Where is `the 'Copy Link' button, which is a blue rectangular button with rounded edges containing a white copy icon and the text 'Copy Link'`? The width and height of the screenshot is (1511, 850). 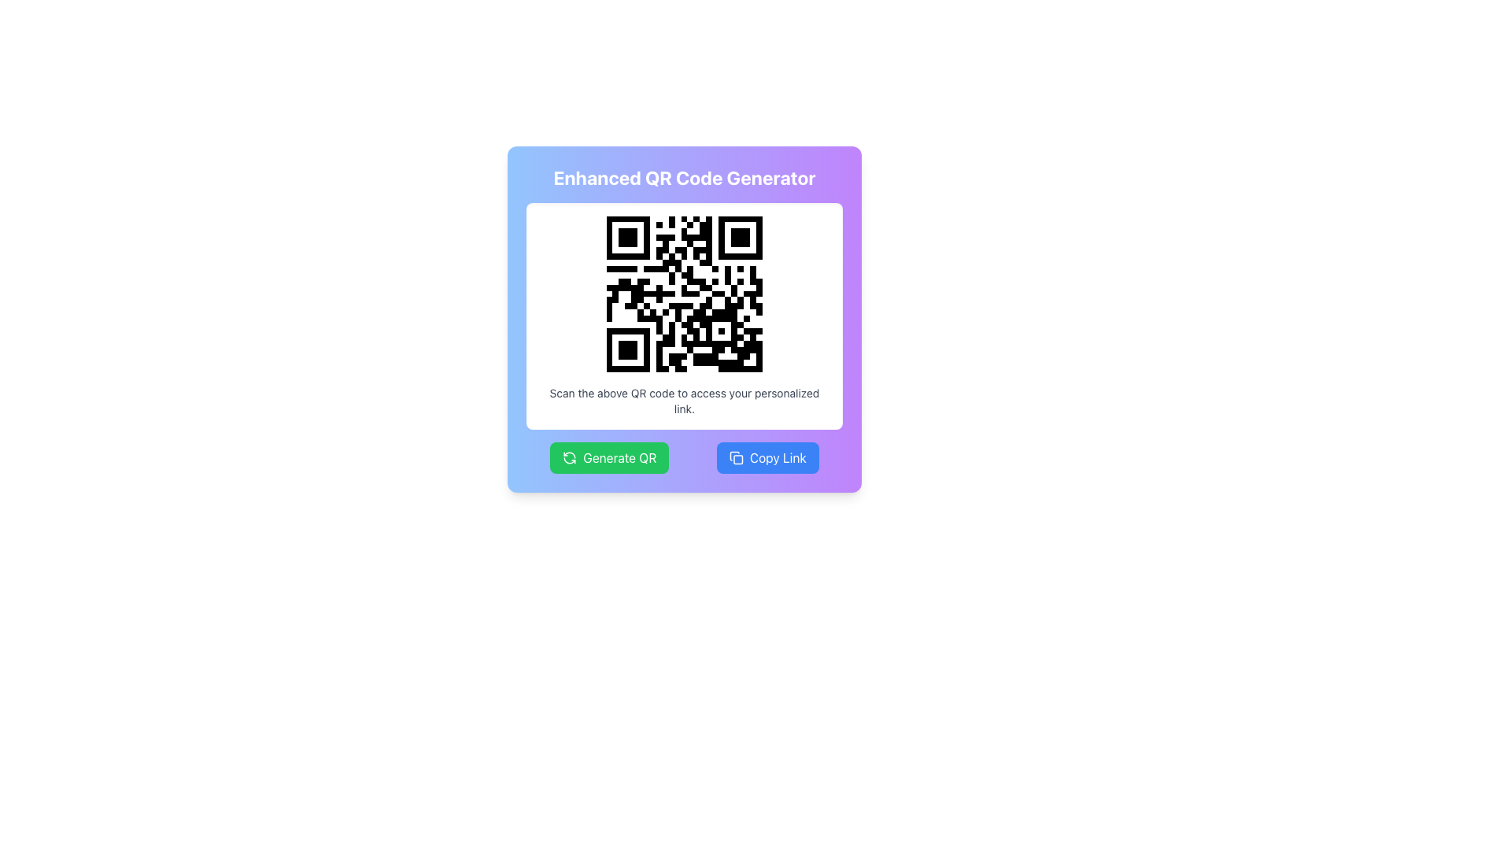
the 'Copy Link' button, which is a blue rectangular button with rounded edges containing a white copy icon and the text 'Copy Link' is located at coordinates (767, 458).